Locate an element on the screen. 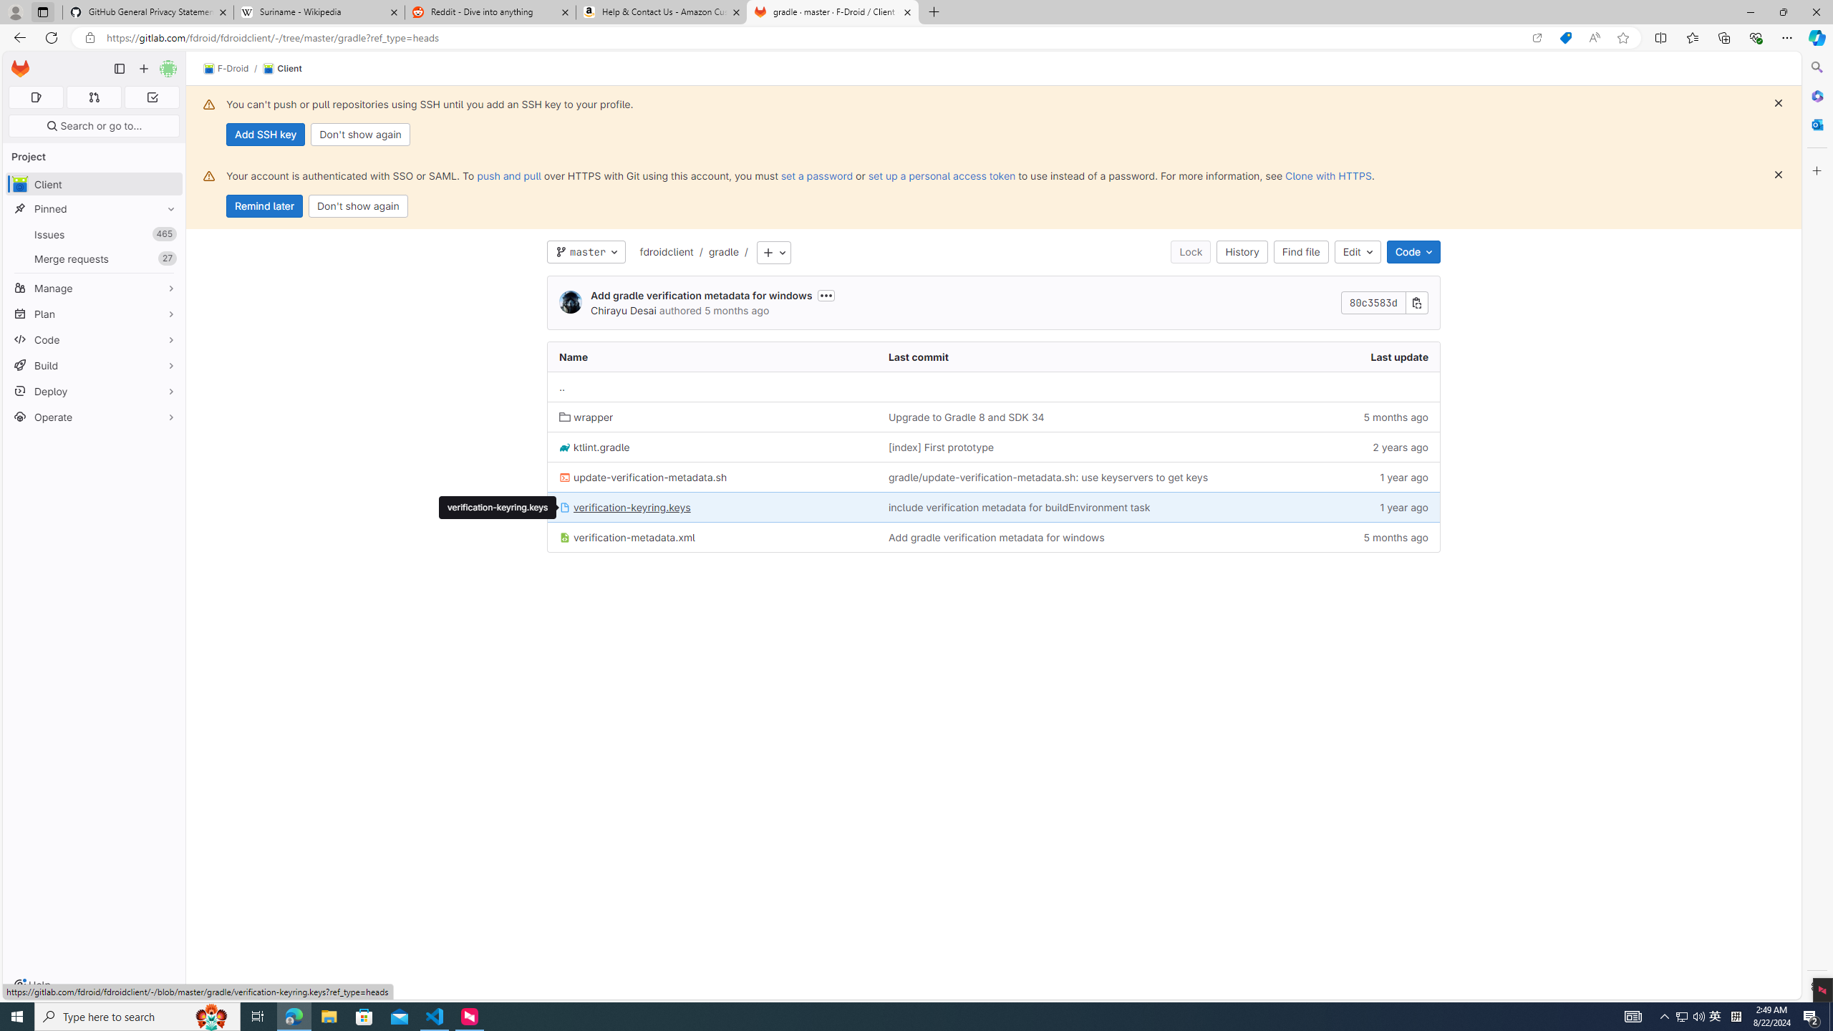  'Operate' is located at coordinates (93, 417).